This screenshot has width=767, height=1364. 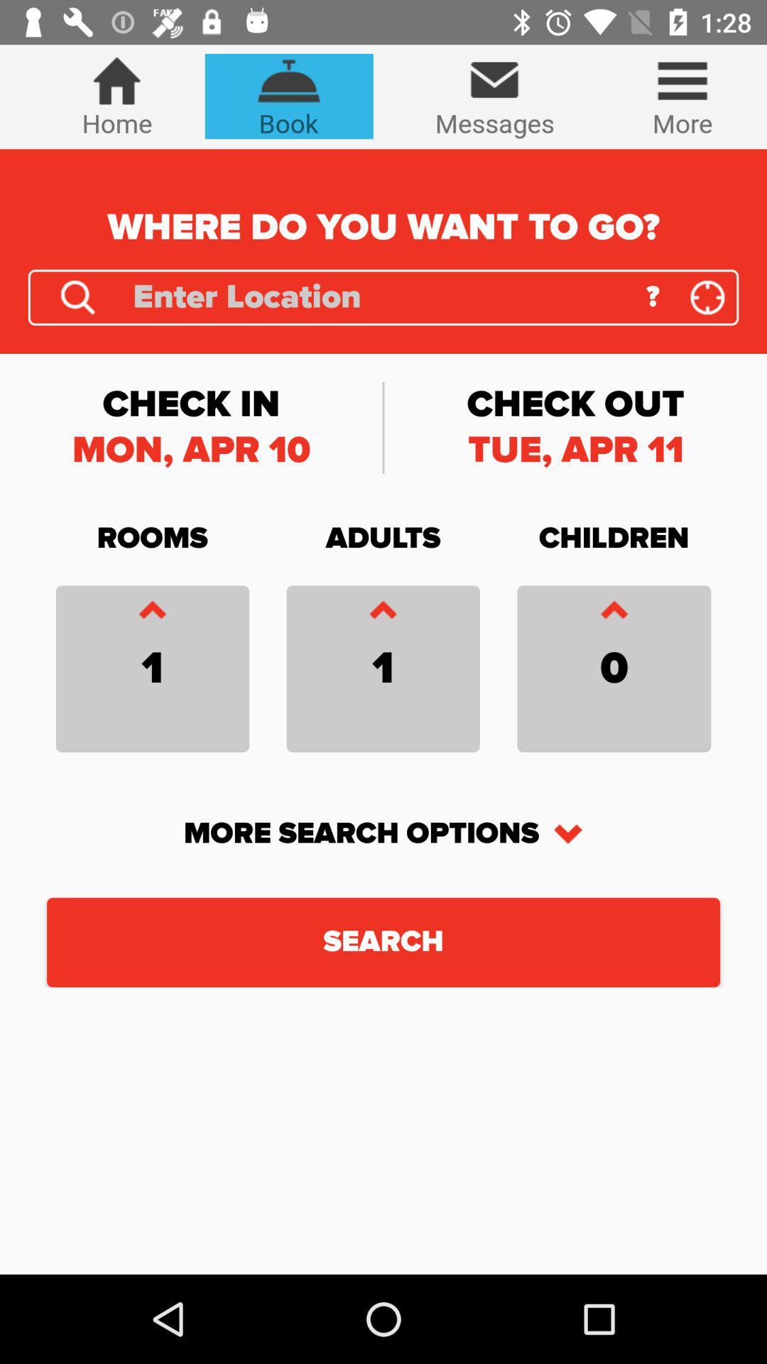 I want to click on search bar, so click(x=378, y=296).